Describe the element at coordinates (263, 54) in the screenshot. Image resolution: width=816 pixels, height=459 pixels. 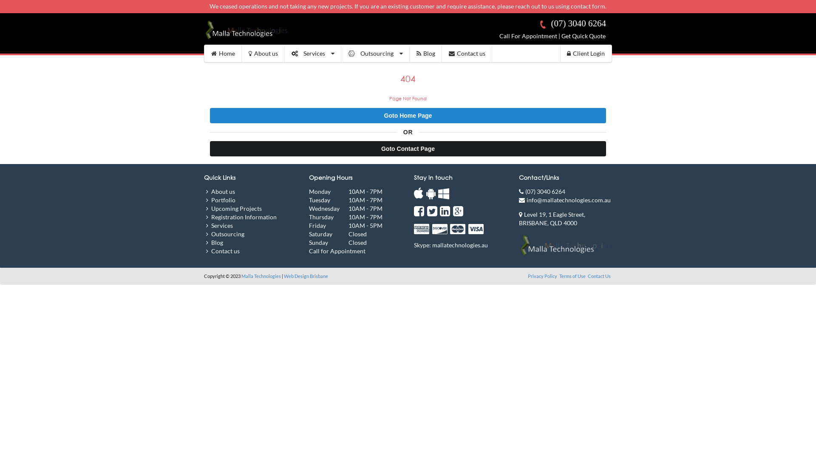
I see `'About us'` at that location.